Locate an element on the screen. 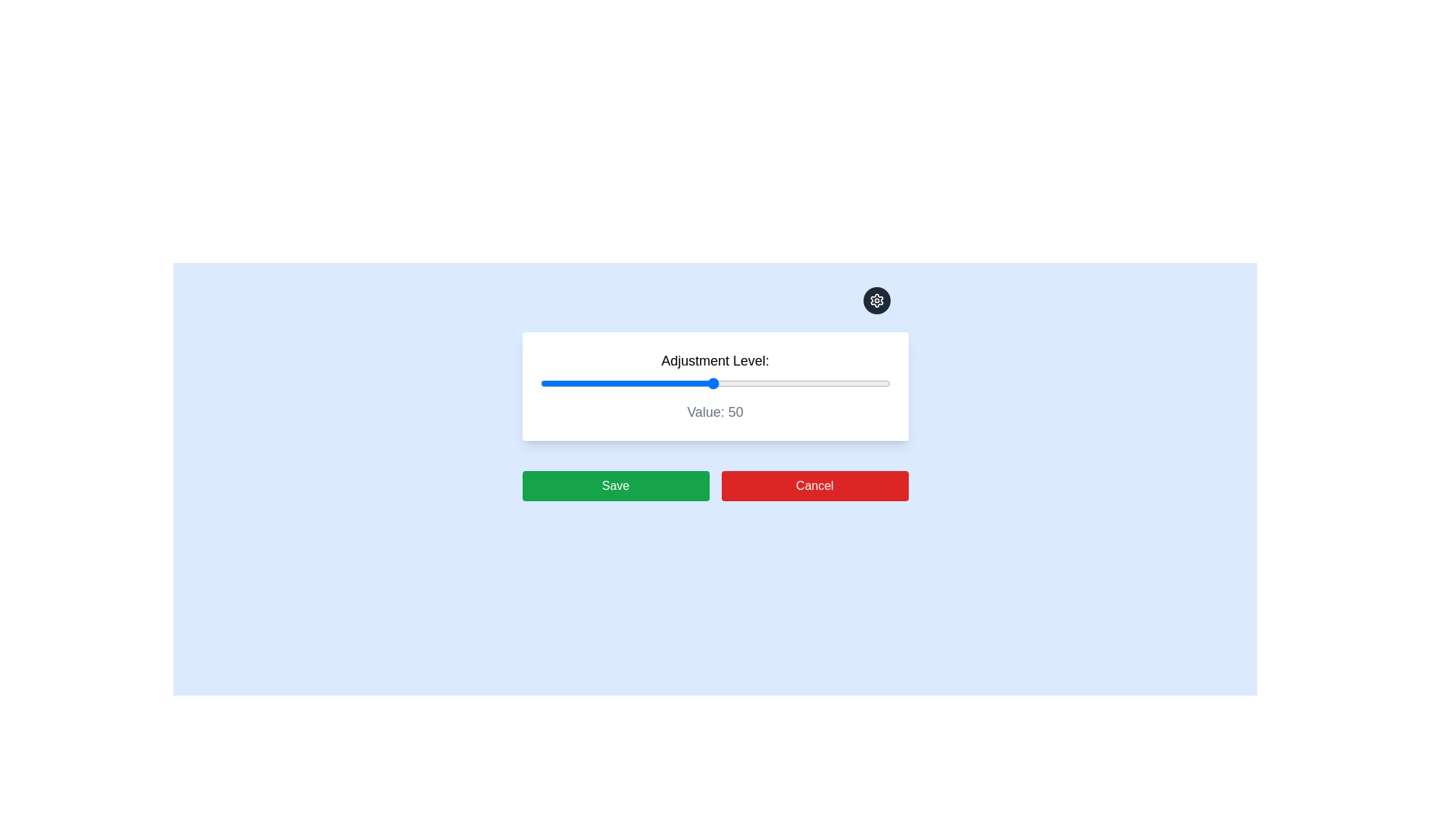  the adjustment level is located at coordinates (811, 383).